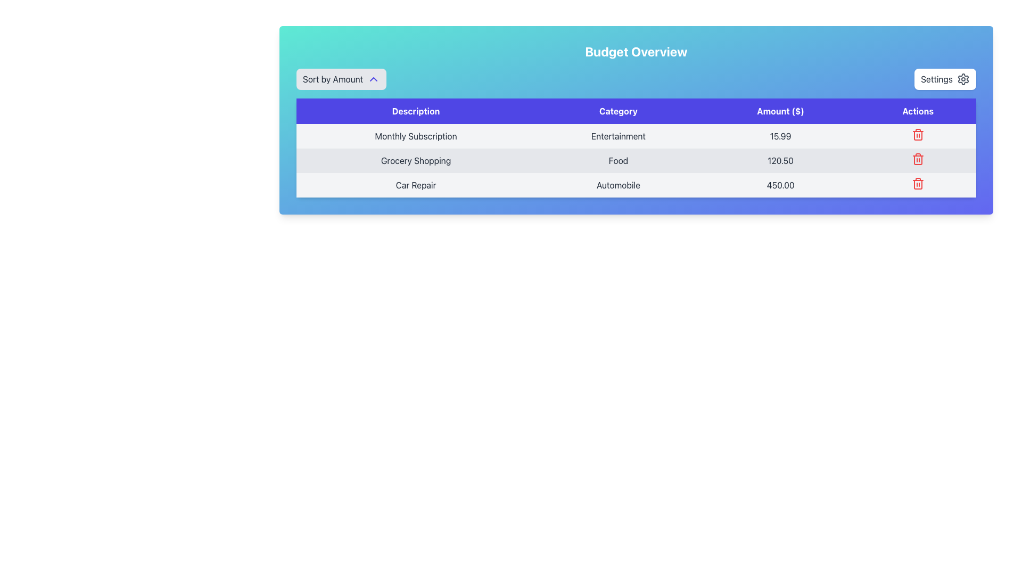 This screenshot has height=575, width=1022. I want to click on the delete button in the 'Actions' column of the table for the 'Grocery Shopping' entry, so click(917, 159).